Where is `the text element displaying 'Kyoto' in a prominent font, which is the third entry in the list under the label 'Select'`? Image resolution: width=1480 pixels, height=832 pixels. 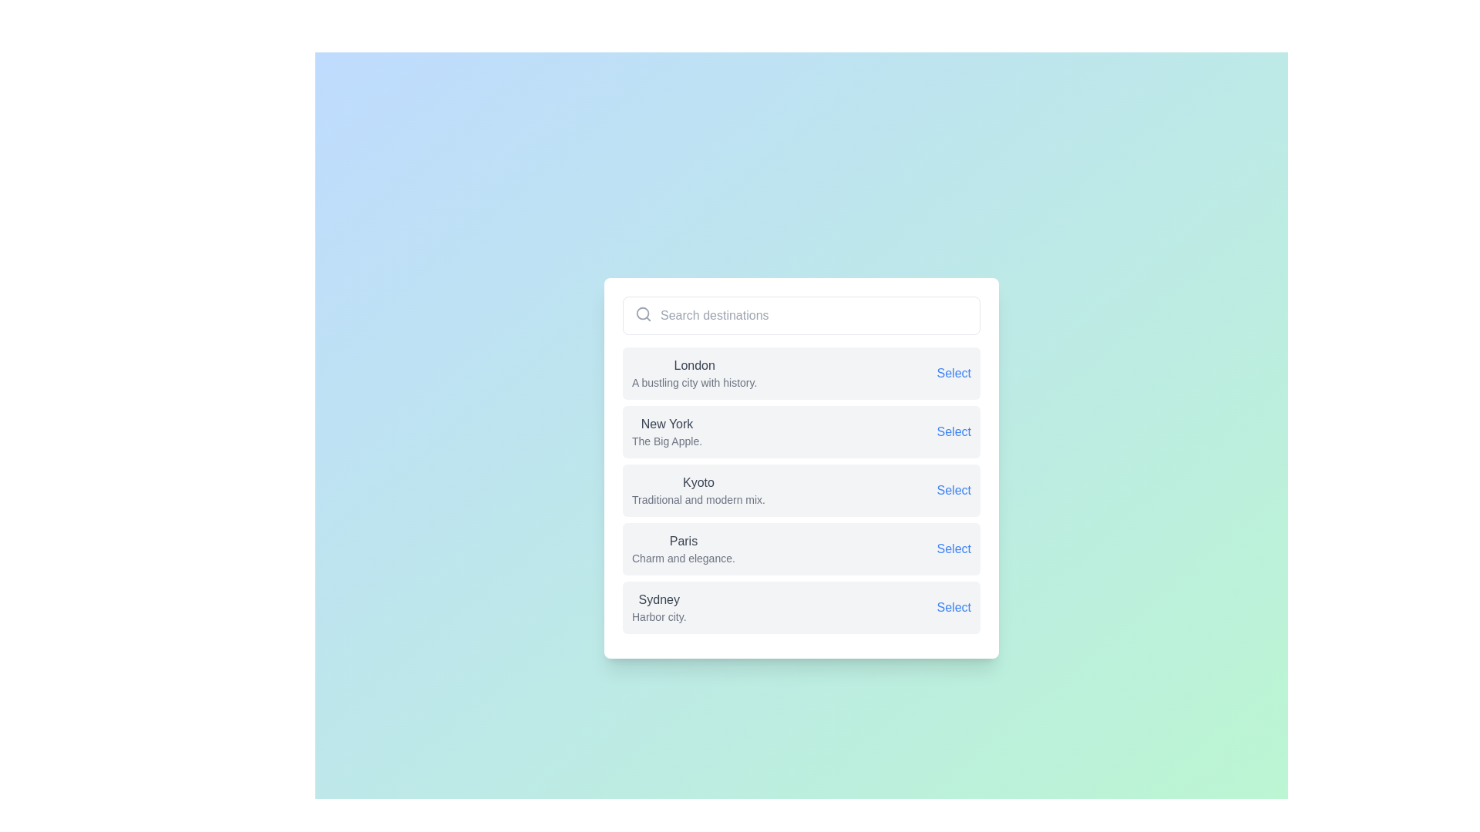 the text element displaying 'Kyoto' in a prominent font, which is the third entry in the list under the label 'Select' is located at coordinates (698, 490).